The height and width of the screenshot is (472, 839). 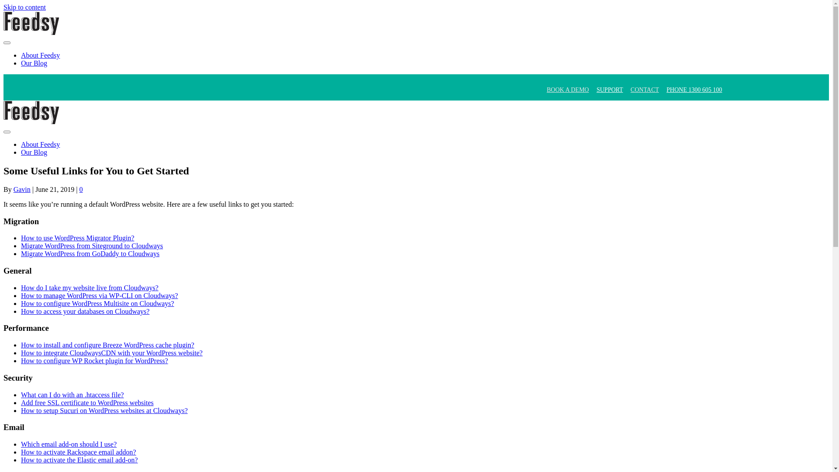 I want to click on 'What can I do with an .htaccess file?', so click(x=72, y=395).